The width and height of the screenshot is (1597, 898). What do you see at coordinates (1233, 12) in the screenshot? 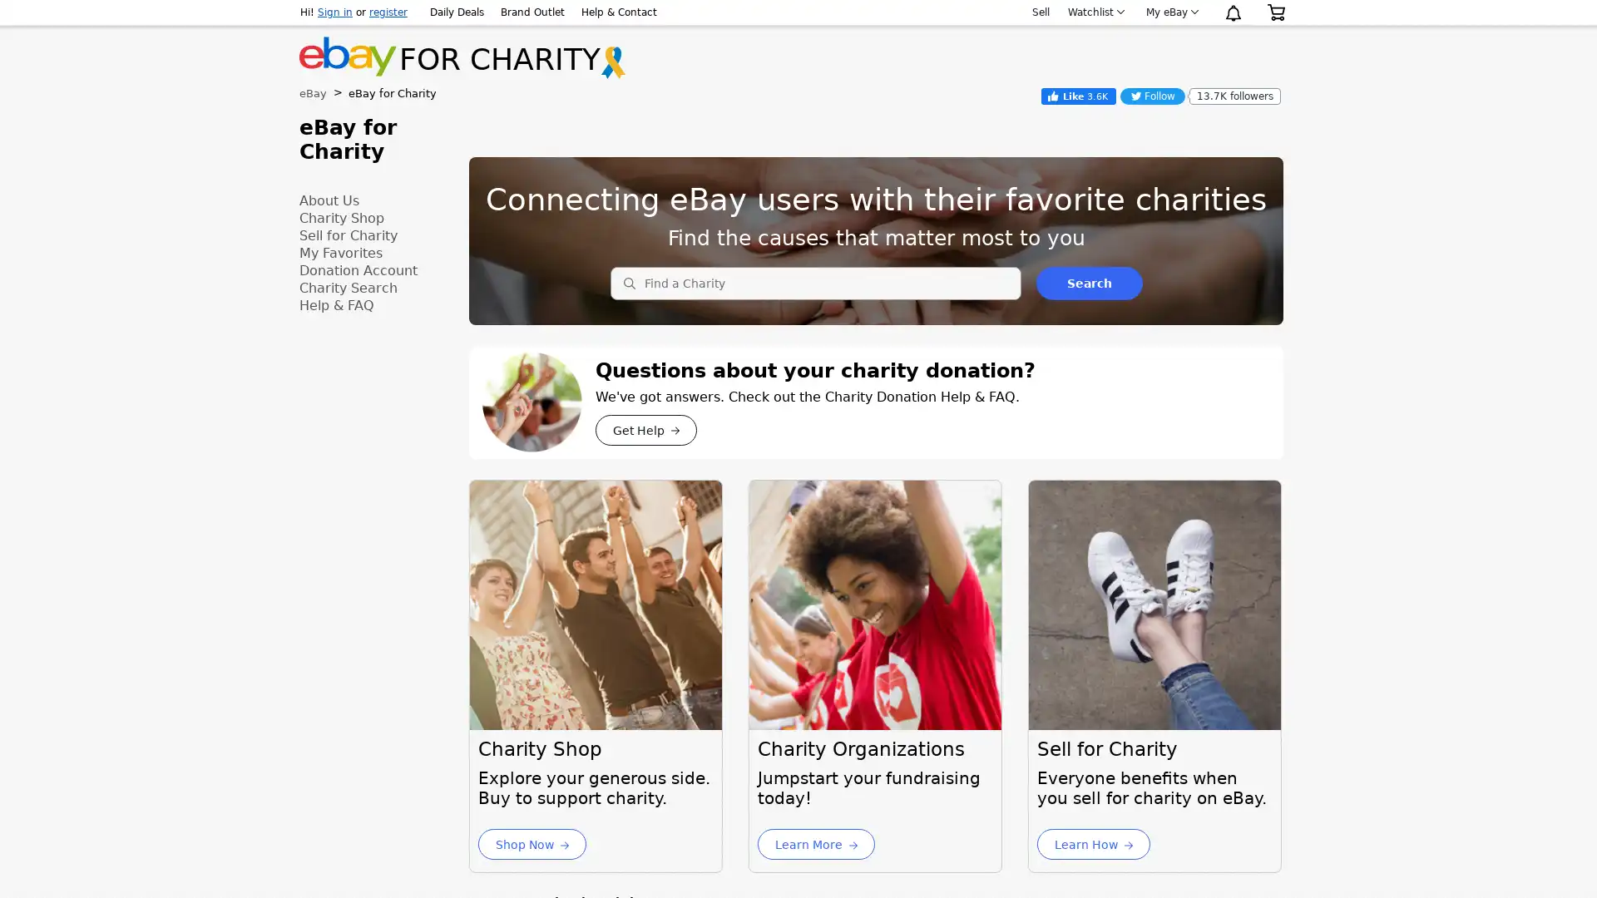
I see `Notification` at bounding box center [1233, 12].